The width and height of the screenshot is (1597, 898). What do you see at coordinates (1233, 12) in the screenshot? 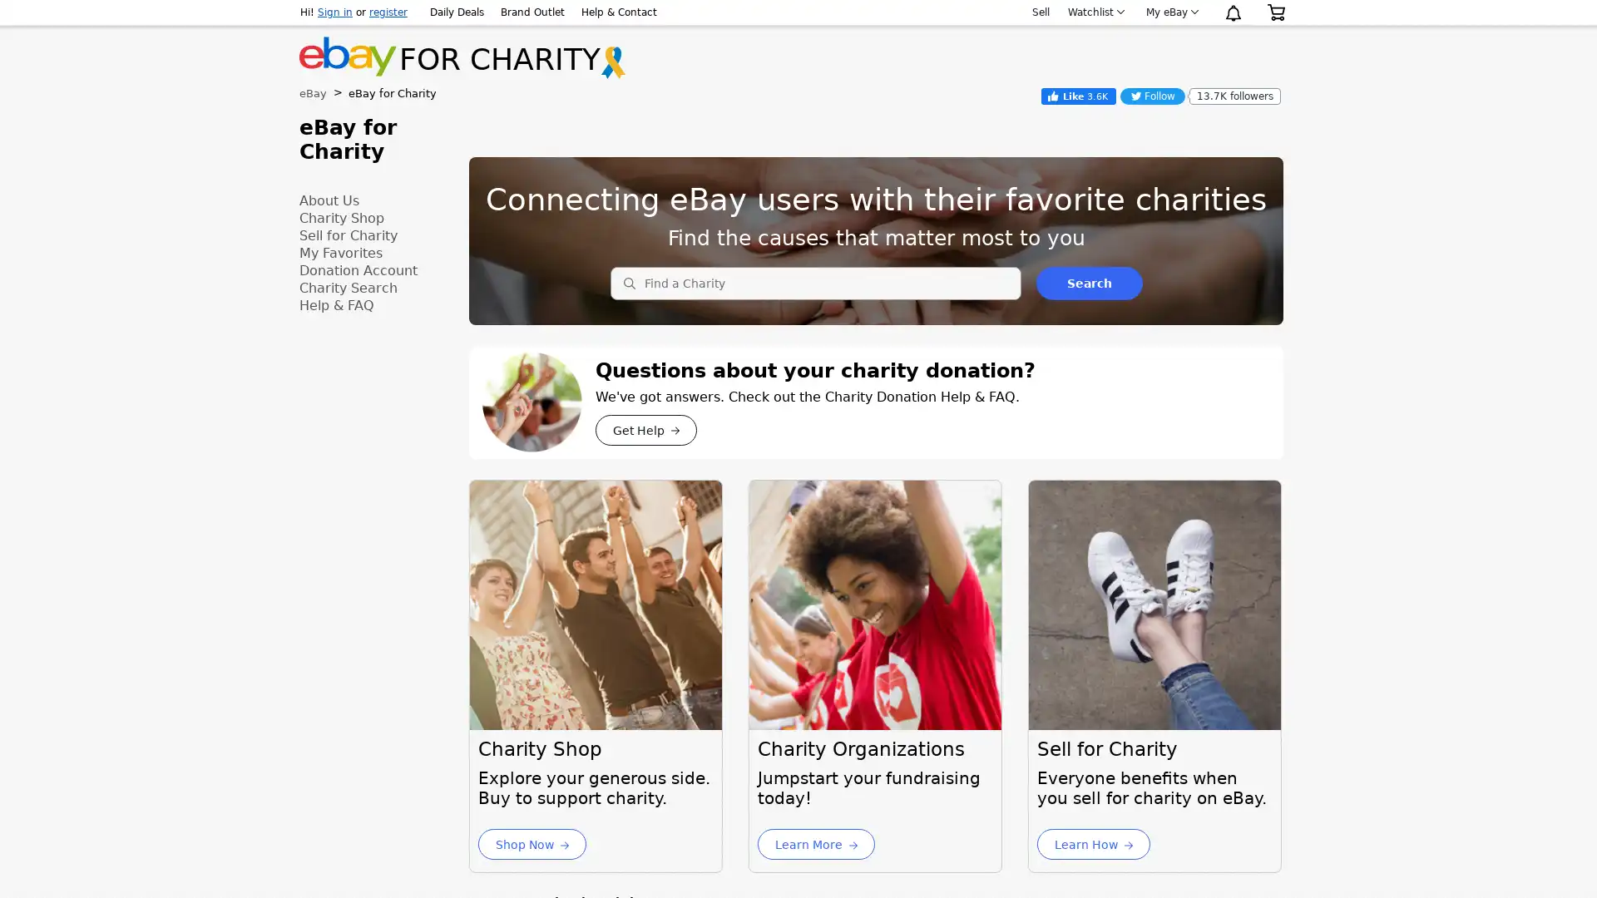
I see `Notification` at bounding box center [1233, 12].